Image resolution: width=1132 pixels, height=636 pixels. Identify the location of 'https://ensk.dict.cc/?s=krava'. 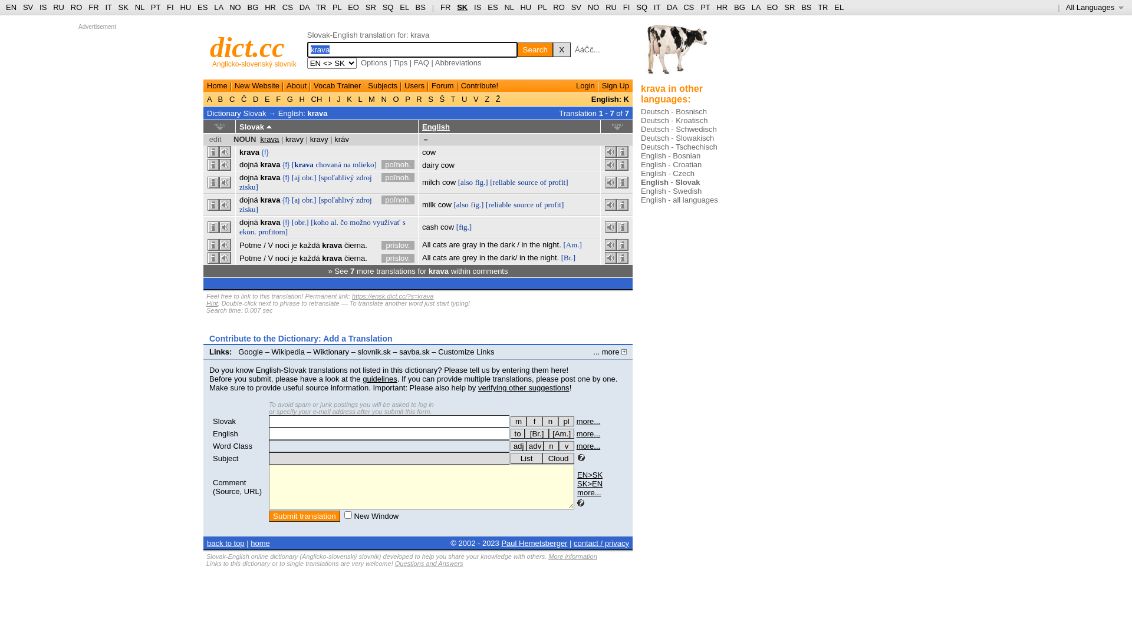
(393, 295).